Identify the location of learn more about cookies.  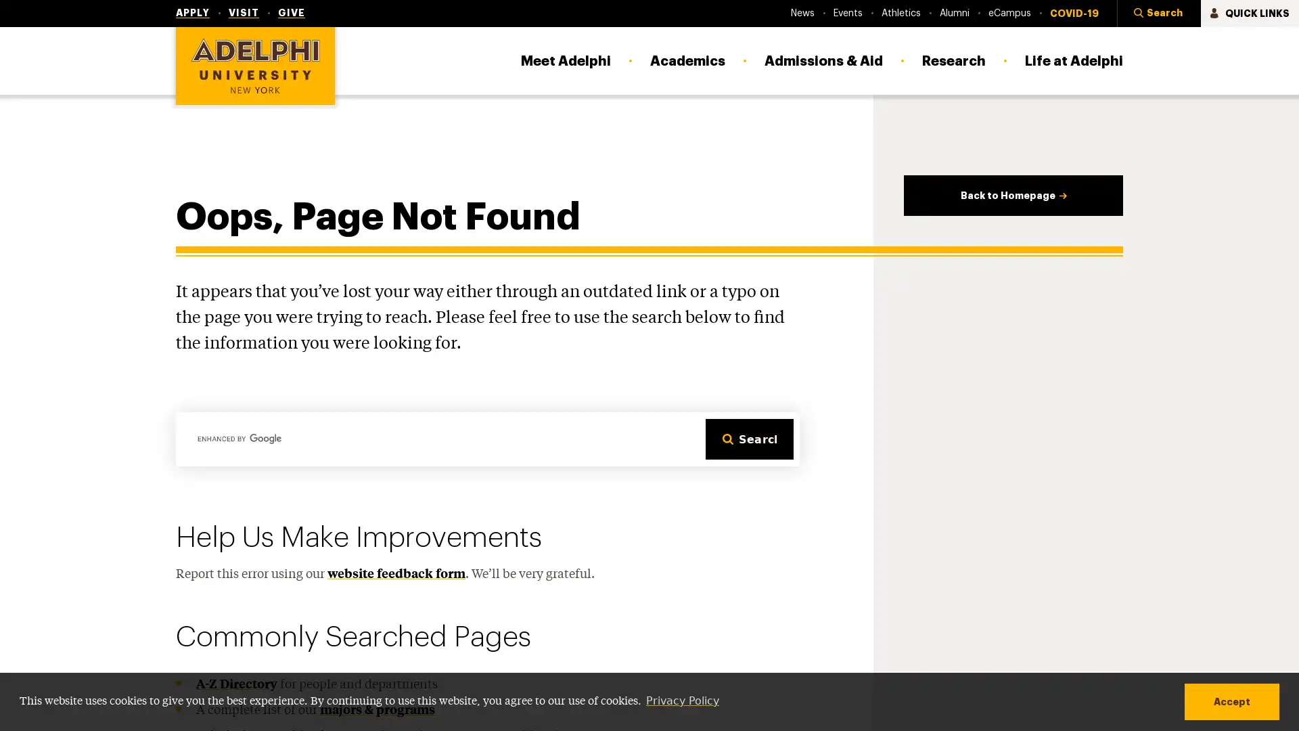
(682, 701).